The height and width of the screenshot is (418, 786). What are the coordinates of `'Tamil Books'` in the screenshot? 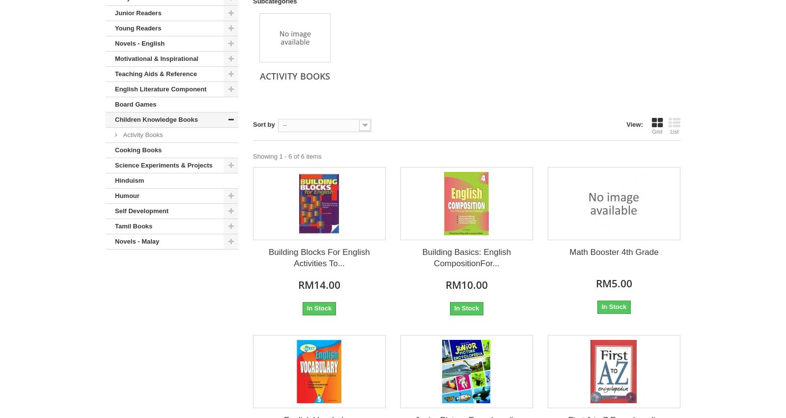 It's located at (134, 226).